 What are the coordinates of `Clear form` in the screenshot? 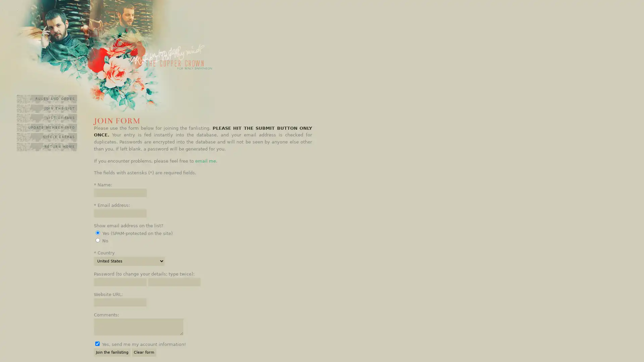 It's located at (144, 352).